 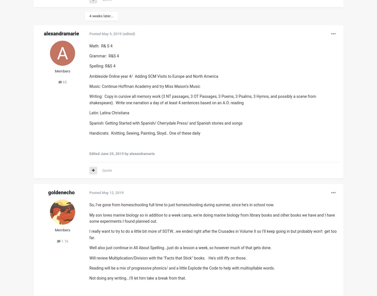 What do you see at coordinates (182, 268) in the screenshot?
I see `'Reading will be a mix of progressive phonics/ and a little Explode the Code to help with multisyllable words.'` at bounding box center [182, 268].